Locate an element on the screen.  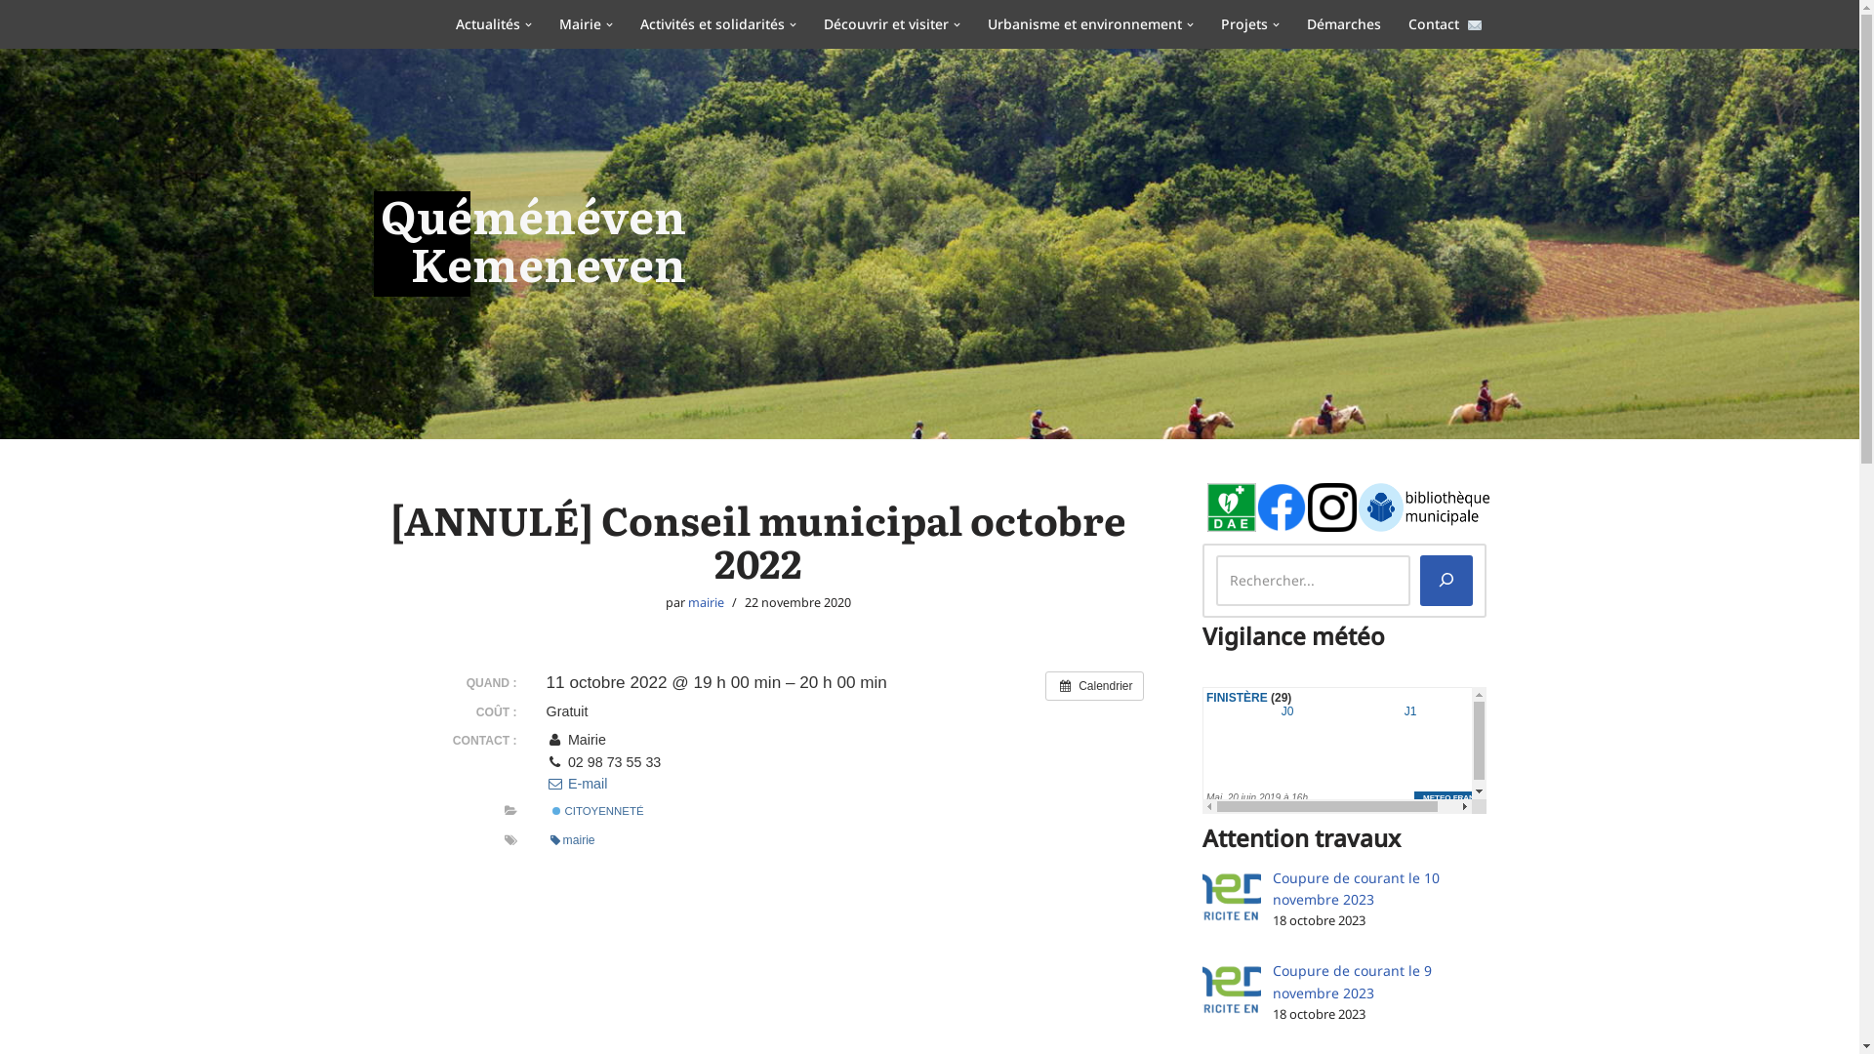
'Contact  ' is located at coordinates (1408, 23).